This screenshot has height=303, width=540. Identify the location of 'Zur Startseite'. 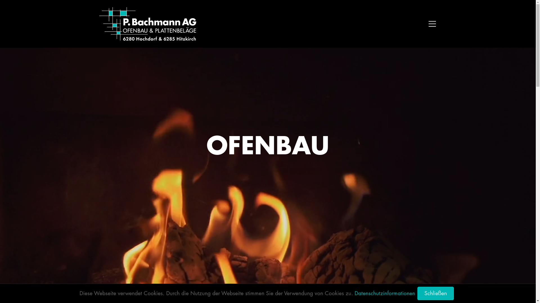
(147, 23).